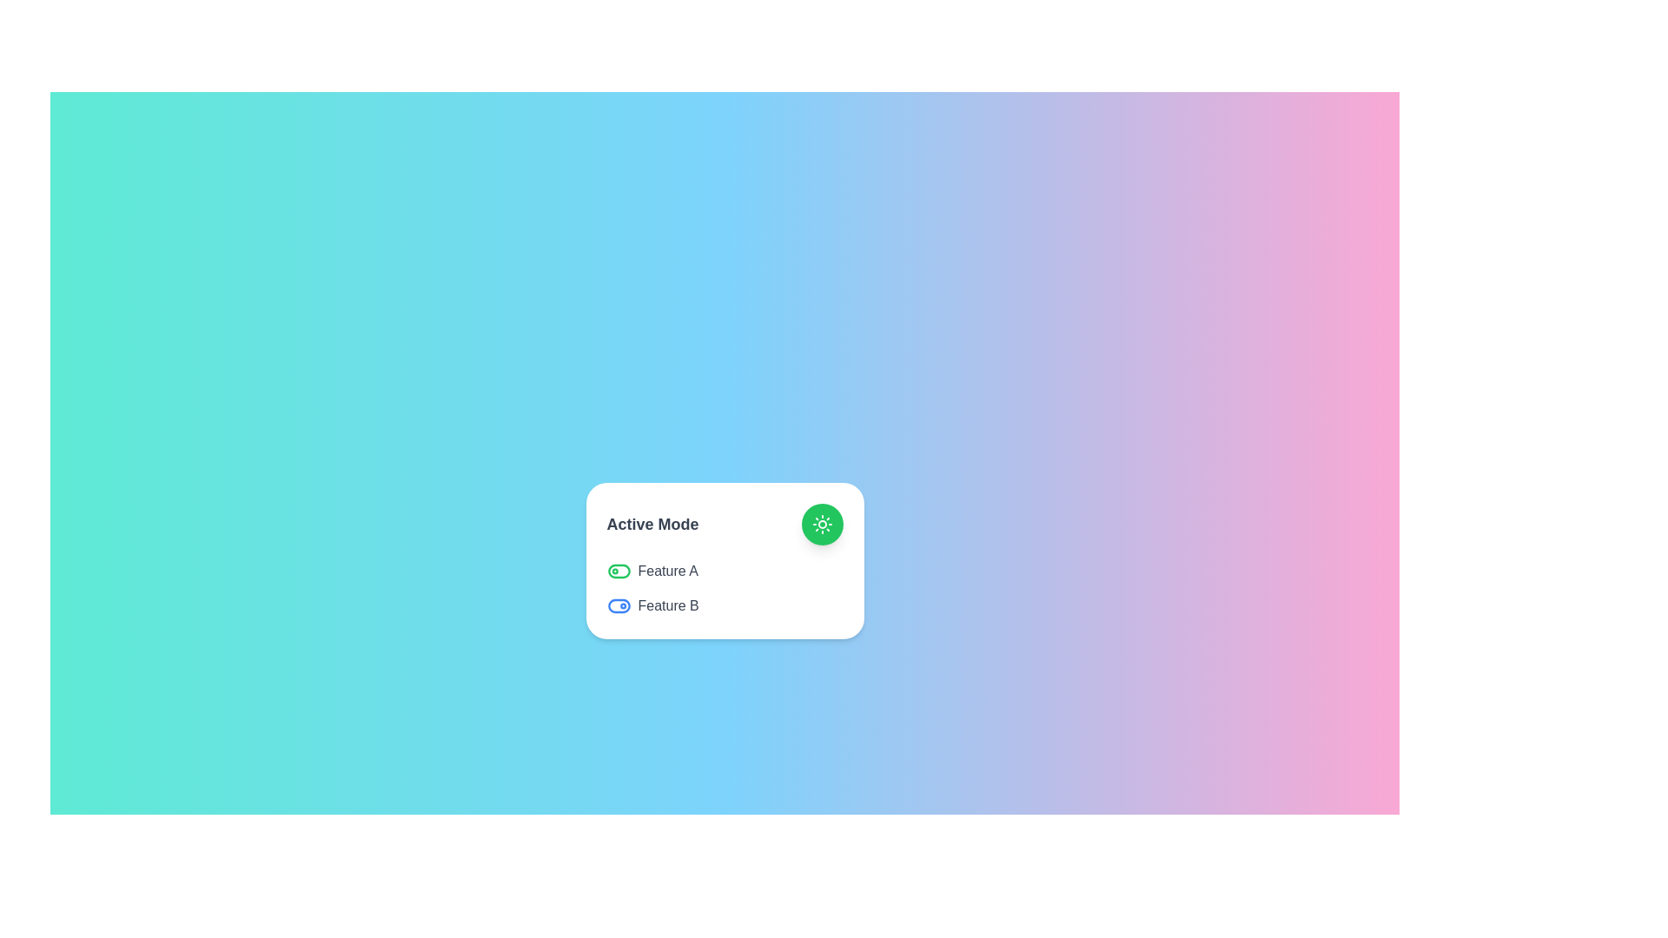 The height and width of the screenshot is (938, 1668). Describe the element at coordinates (821, 524) in the screenshot. I see `the toggle switch button located in the top-right corner of the 'Active Mode' card` at that location.